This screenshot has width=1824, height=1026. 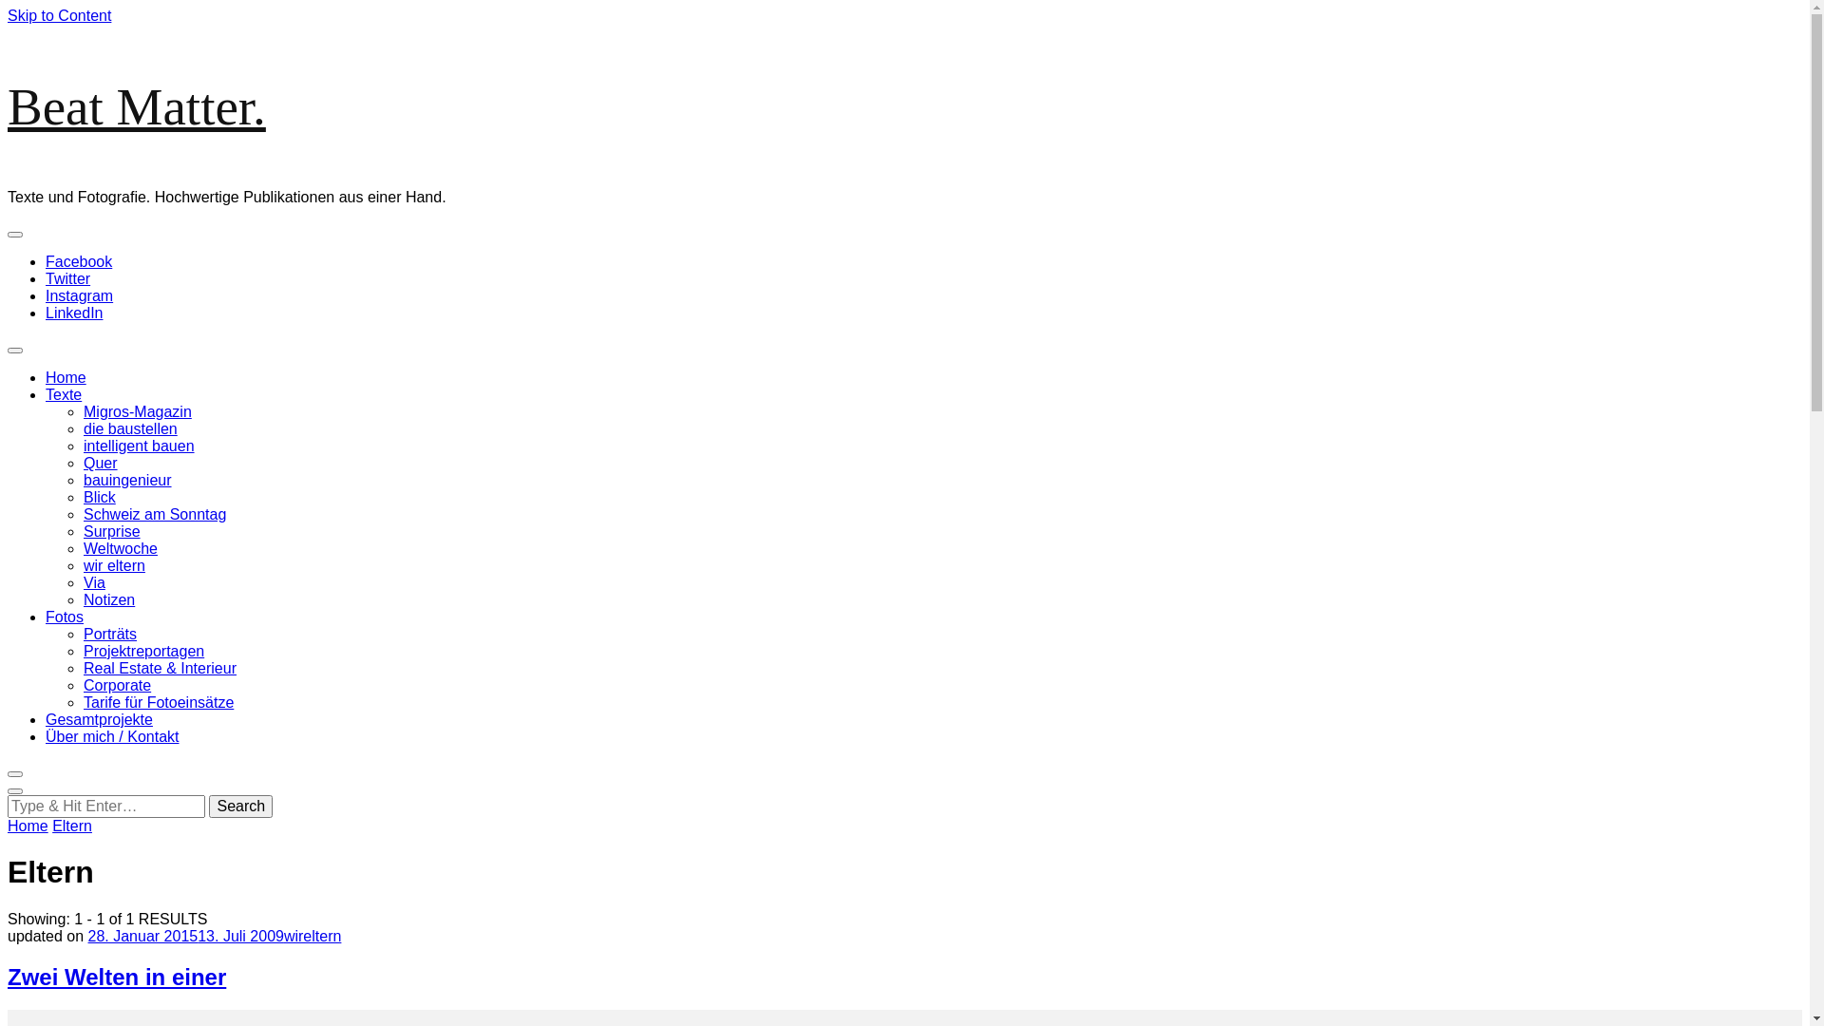 I want to click on 'Texte', so click(x=64, y=393).